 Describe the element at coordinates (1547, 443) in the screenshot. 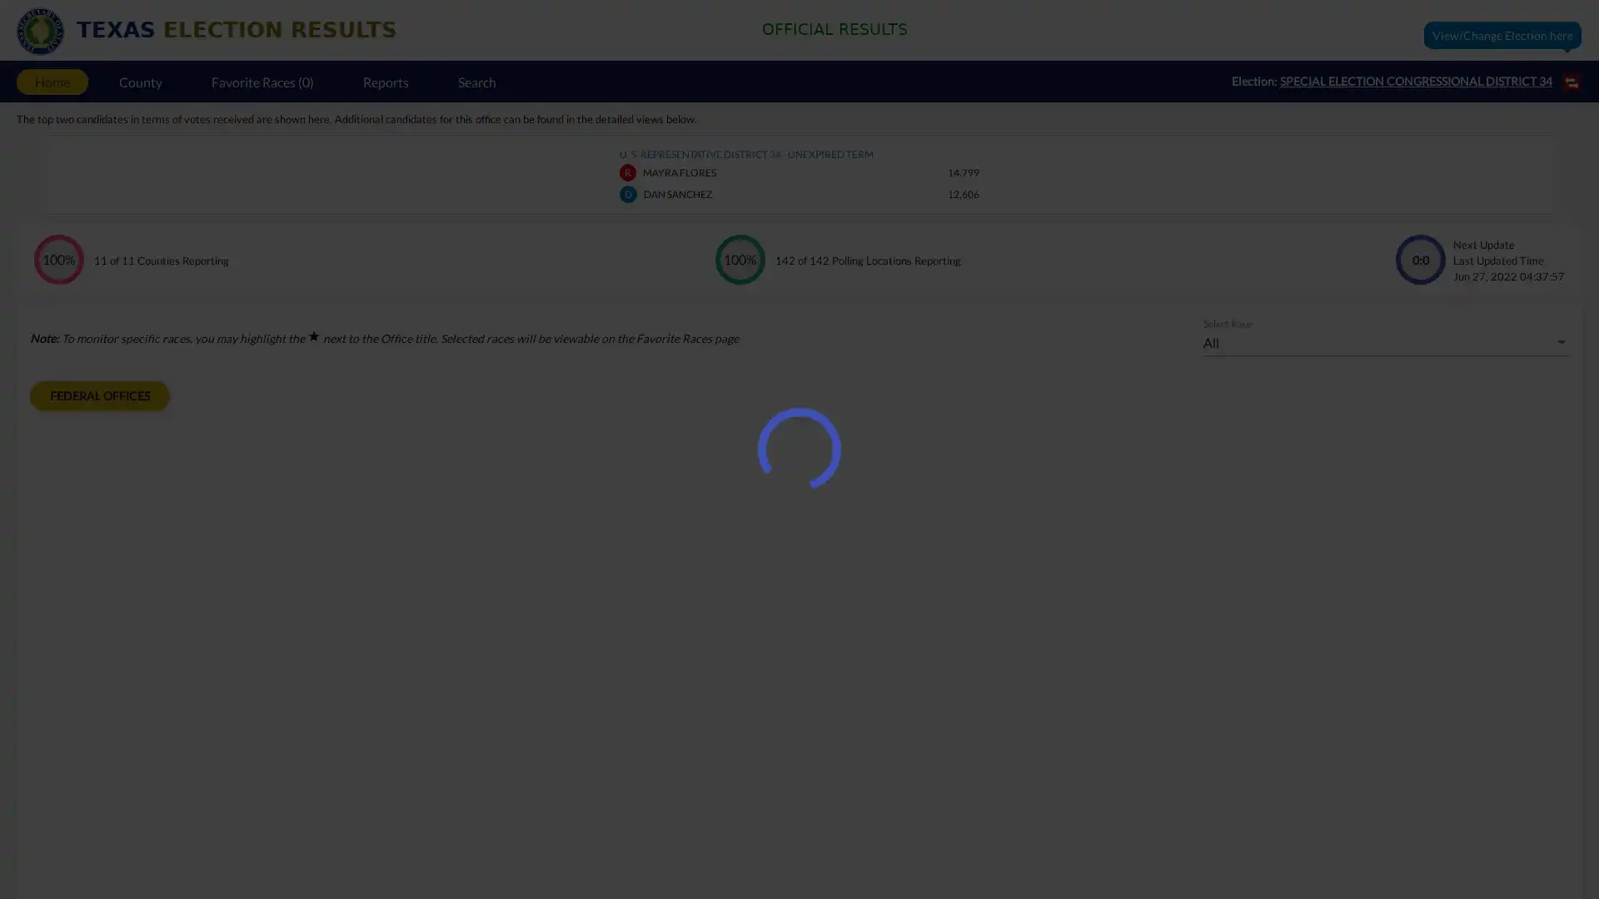

I see `Pie Chart mode data representation` at that location.